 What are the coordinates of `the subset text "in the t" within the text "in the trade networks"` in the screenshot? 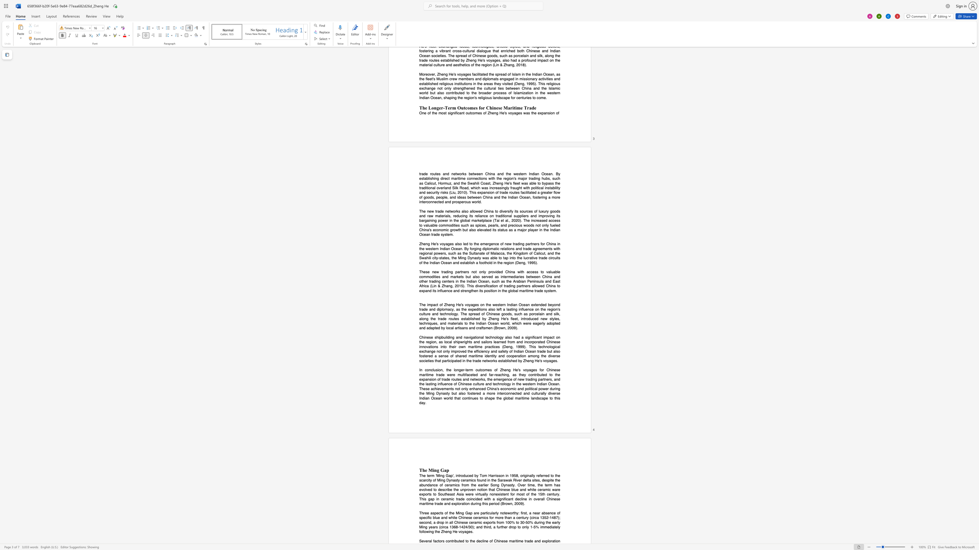 It's located at (462, 360).